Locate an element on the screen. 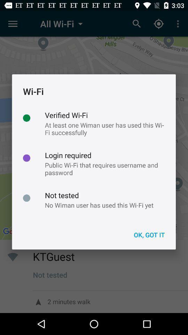 The image size is (188, 335). the ok, got it icon is located at coordinates (149, 235).